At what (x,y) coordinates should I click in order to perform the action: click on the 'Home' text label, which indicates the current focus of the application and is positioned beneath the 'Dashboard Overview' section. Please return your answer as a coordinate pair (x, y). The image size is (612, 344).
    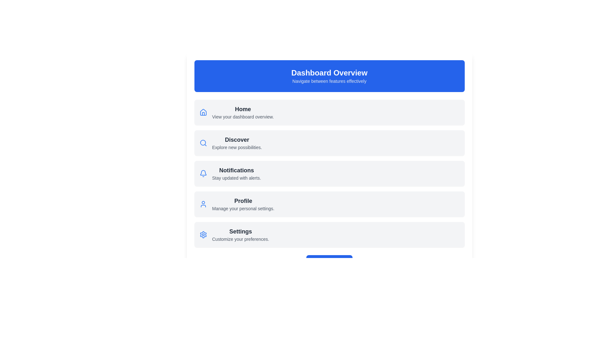
    Looking at the image, I should click on (243, 109).